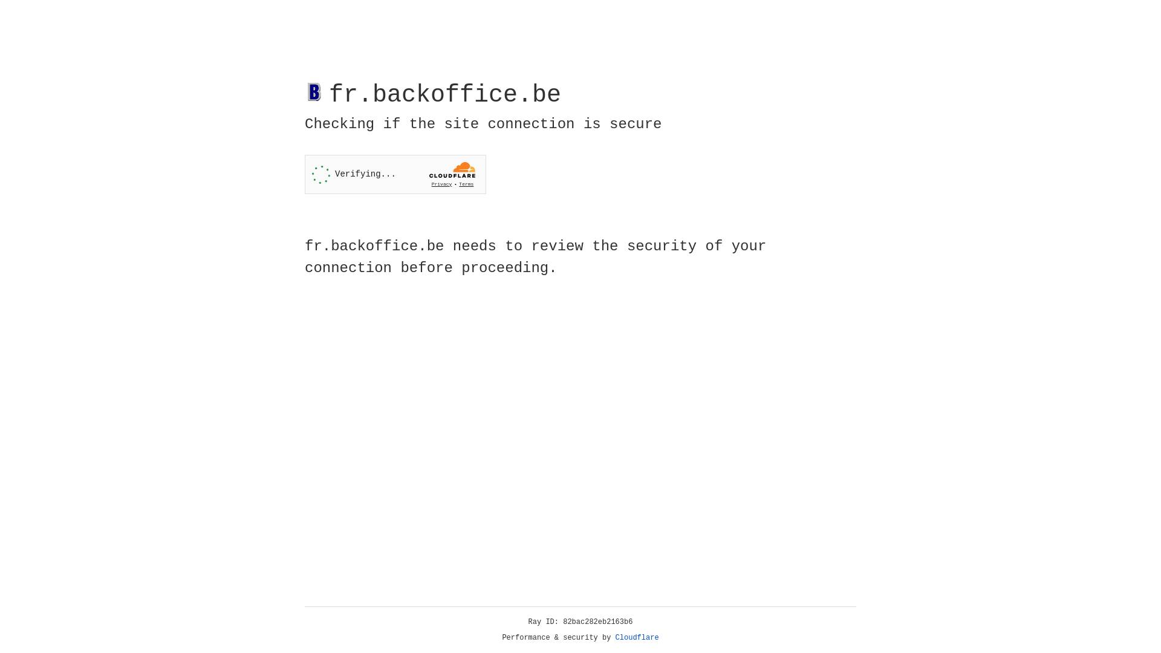  I want to click on 'Cloudflare', so click(637, 637).